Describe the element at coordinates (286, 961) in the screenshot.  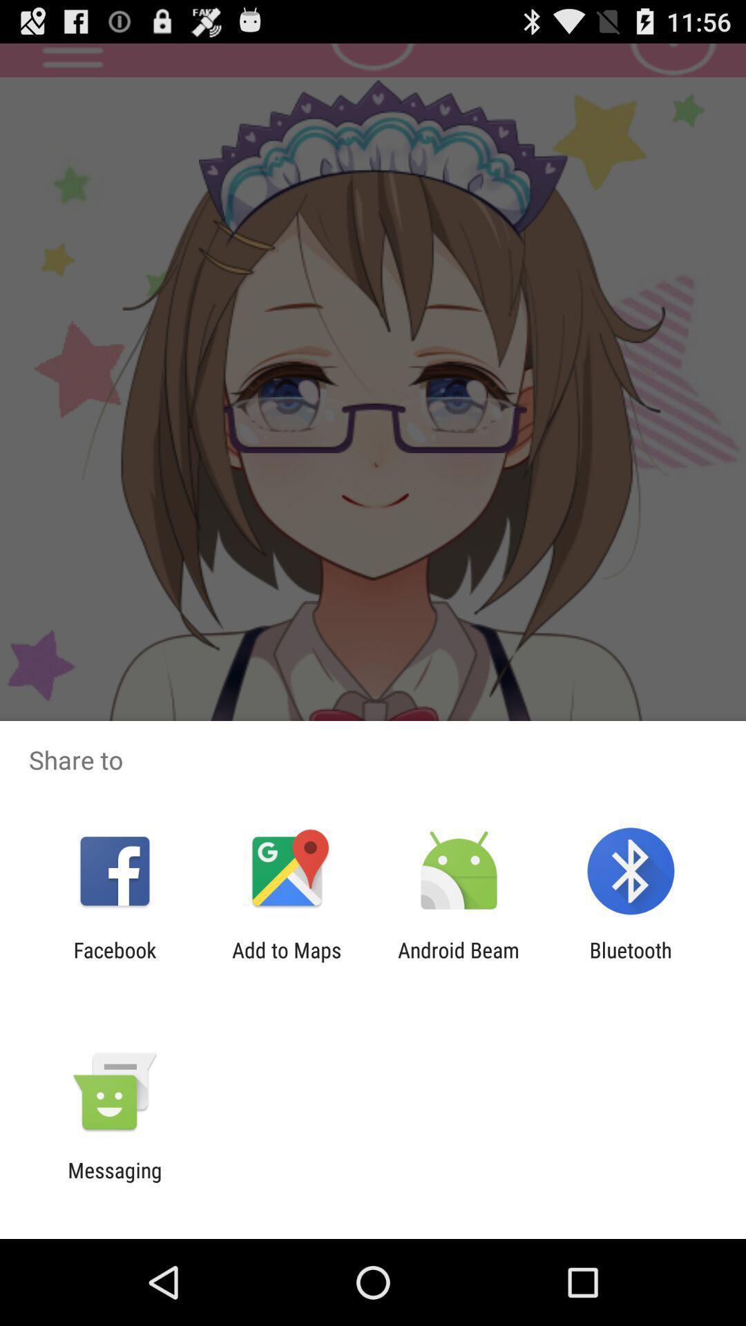
I see `app next to the facebook item` at that location.